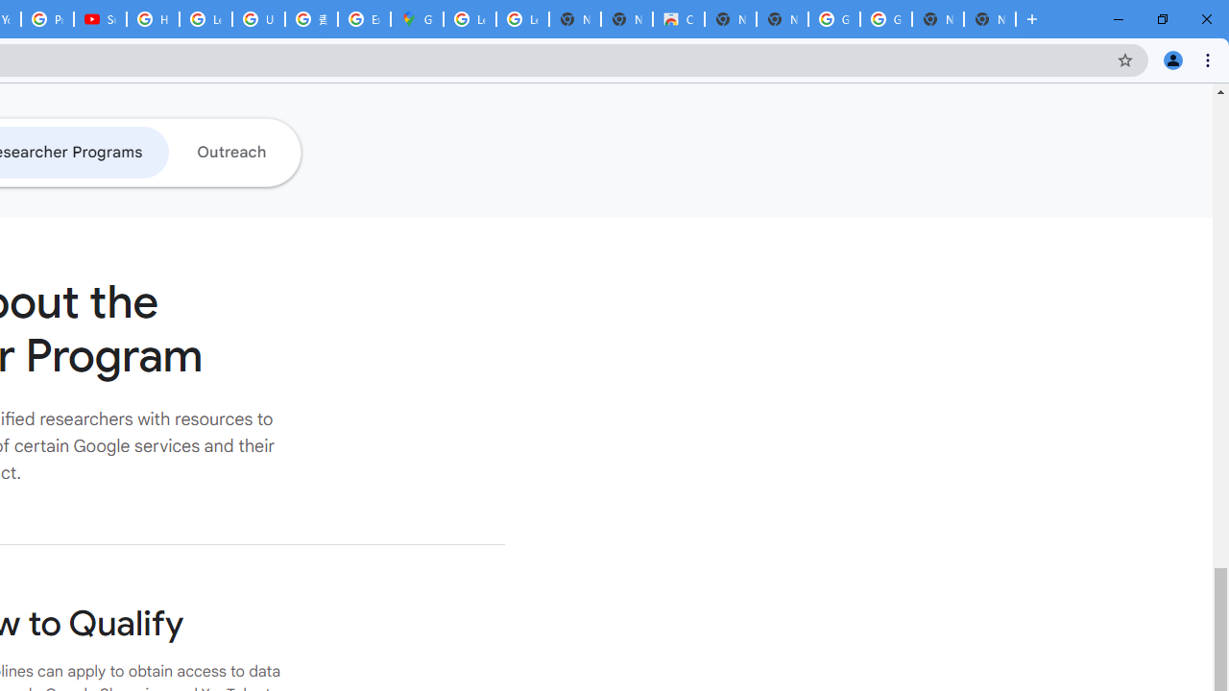 This screenshot has height=691, width=1229. Describe the element at coordinates (884, 19) in the screenshot. I see `'Google Images'` at that location.